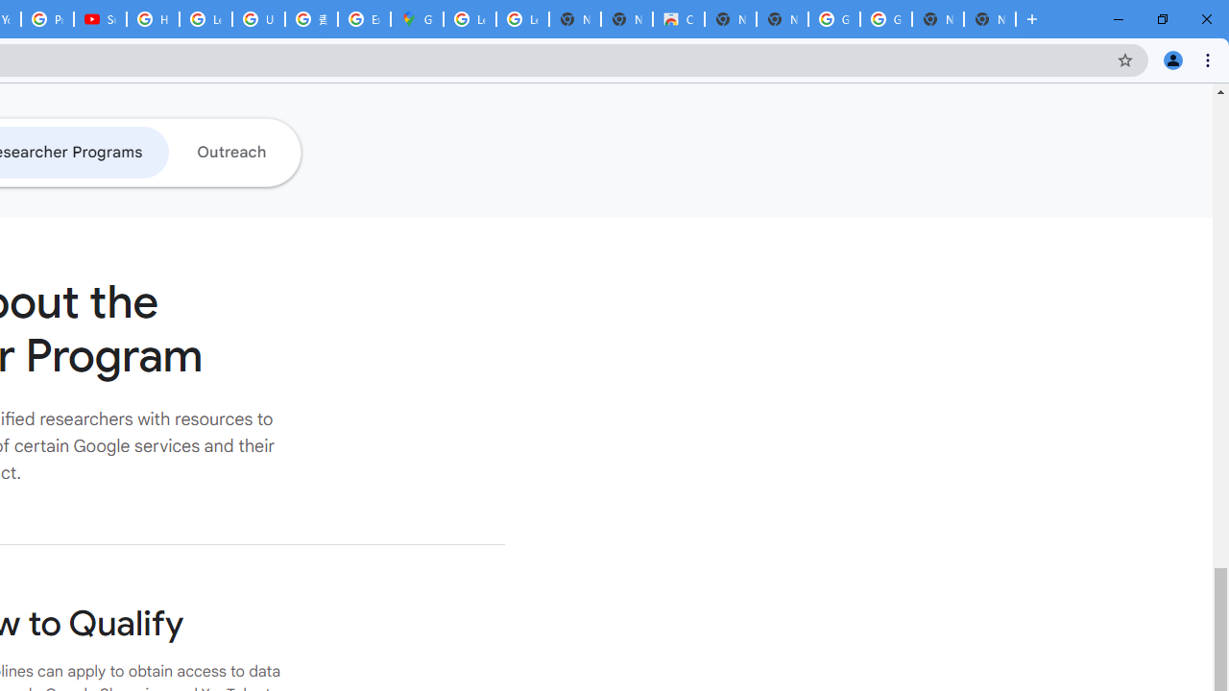 This screenshot has height=691, width=1229. Describe the element at coordinates (884, 19) in the screenshot. I see `'Google Images'` at that location.